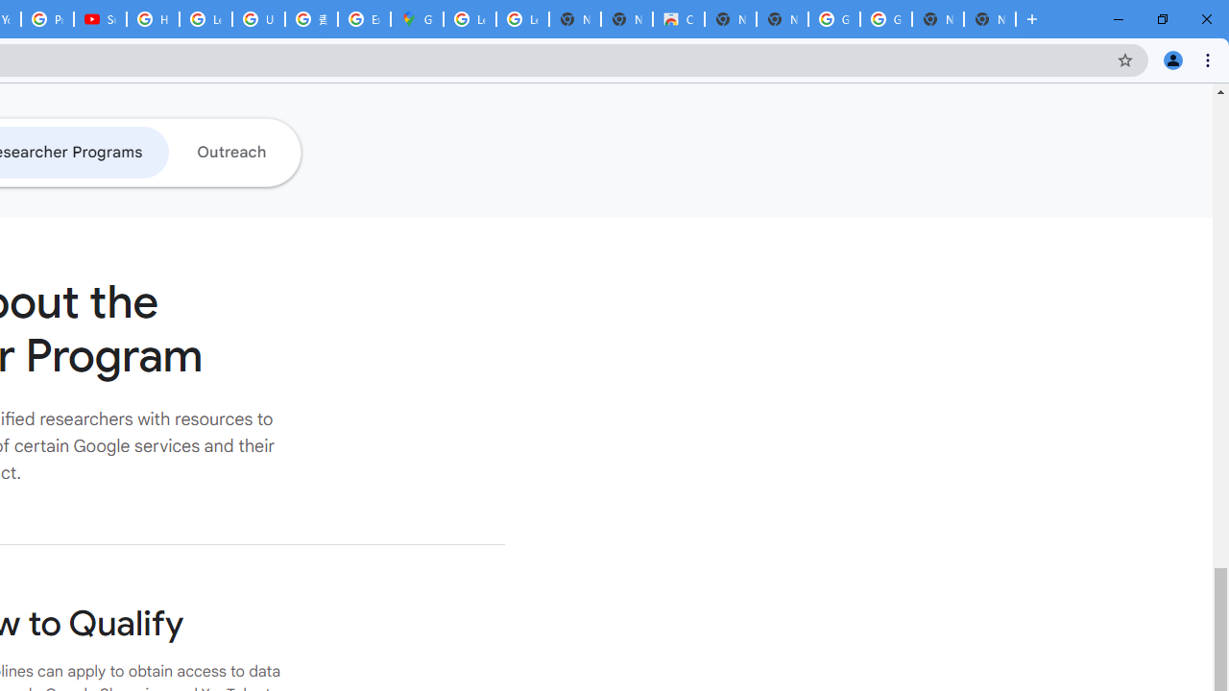 This screenshot has height=691, width=1229. Describe the element at coordinates (884, 19) in the screenshot. I see `'Google Images'` at that location.